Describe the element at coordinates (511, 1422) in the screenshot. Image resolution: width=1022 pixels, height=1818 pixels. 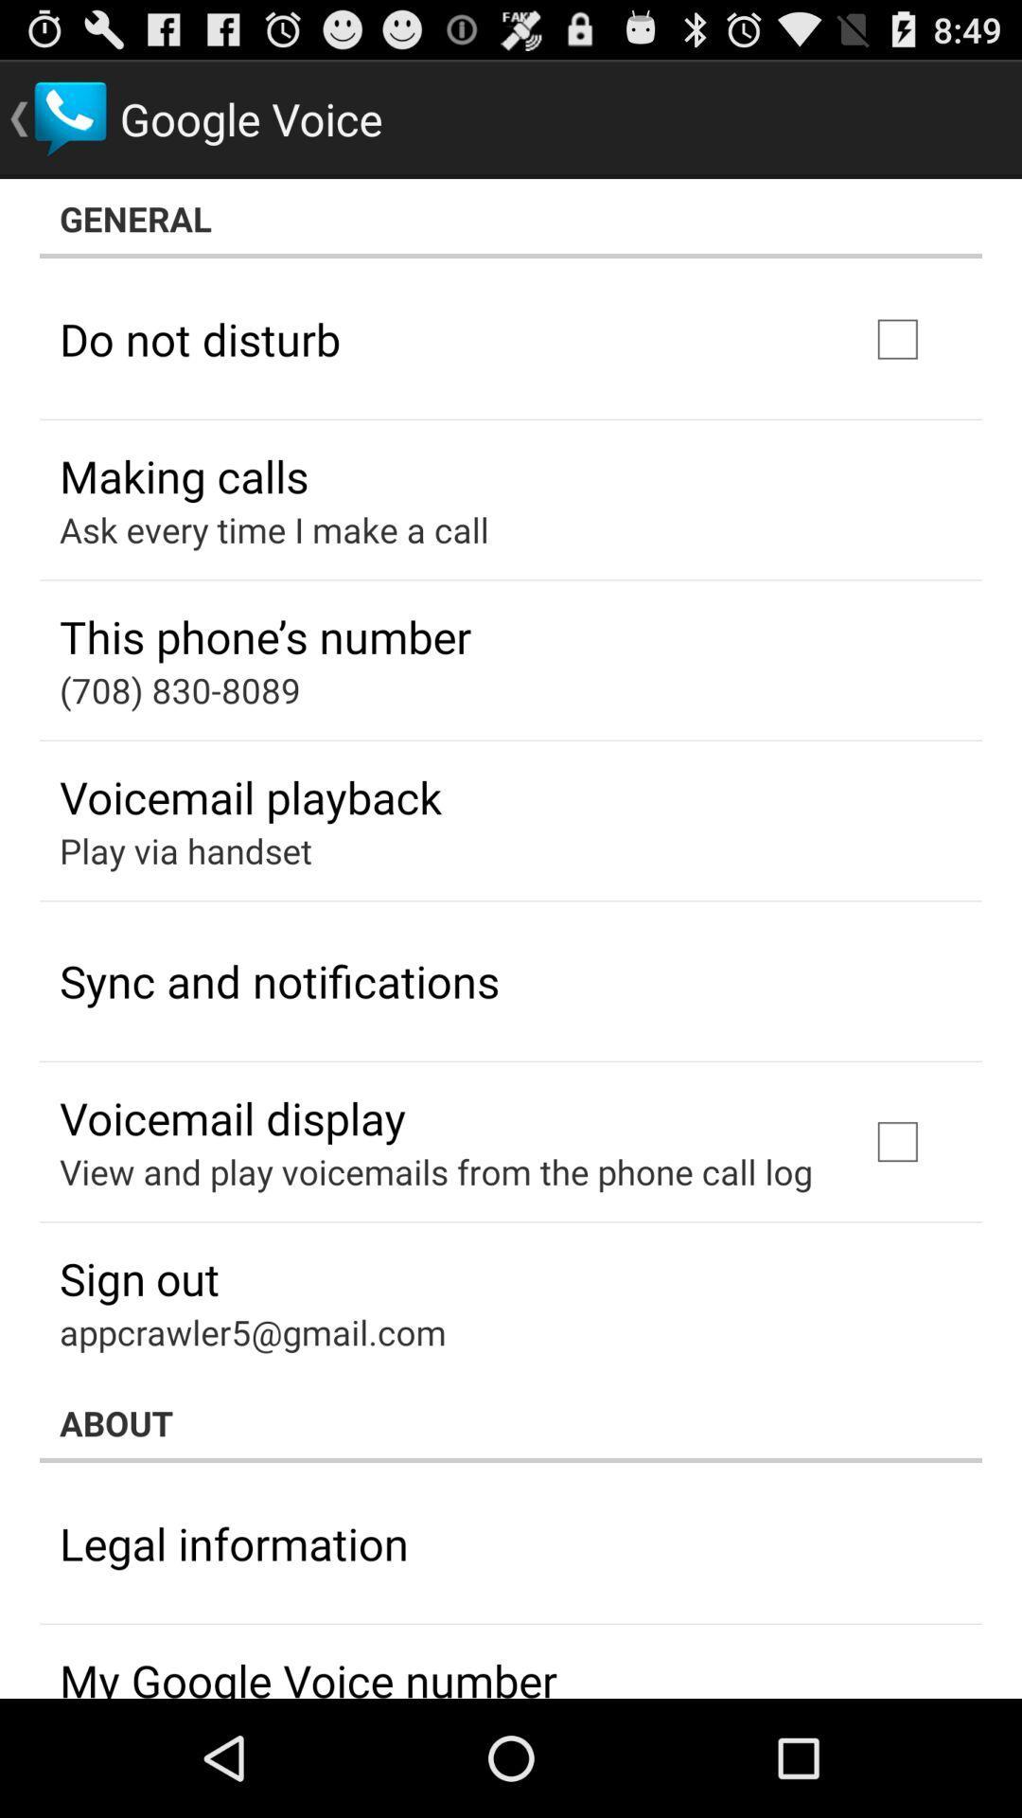
I see `item at the bottom` at that location.